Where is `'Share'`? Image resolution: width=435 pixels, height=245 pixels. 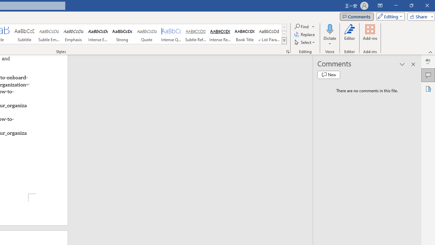 'Share' is located at coordinates (419, 16).